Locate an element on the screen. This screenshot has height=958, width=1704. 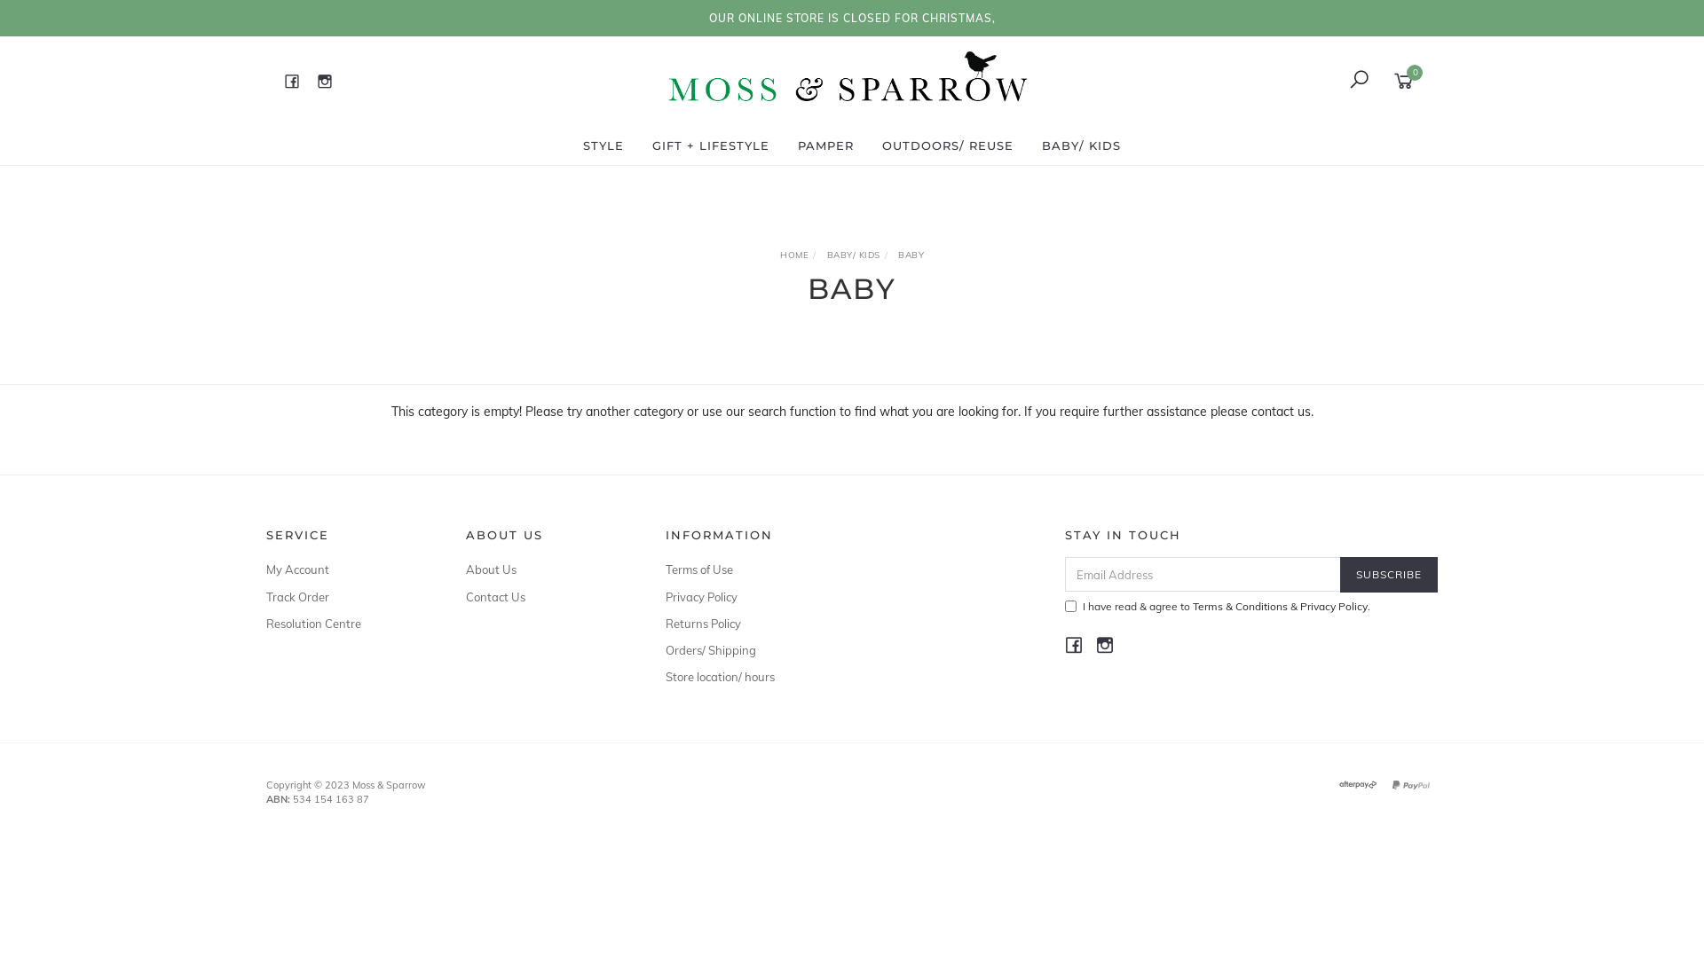
'Subscribe' is located at coordinates (1340, 574).